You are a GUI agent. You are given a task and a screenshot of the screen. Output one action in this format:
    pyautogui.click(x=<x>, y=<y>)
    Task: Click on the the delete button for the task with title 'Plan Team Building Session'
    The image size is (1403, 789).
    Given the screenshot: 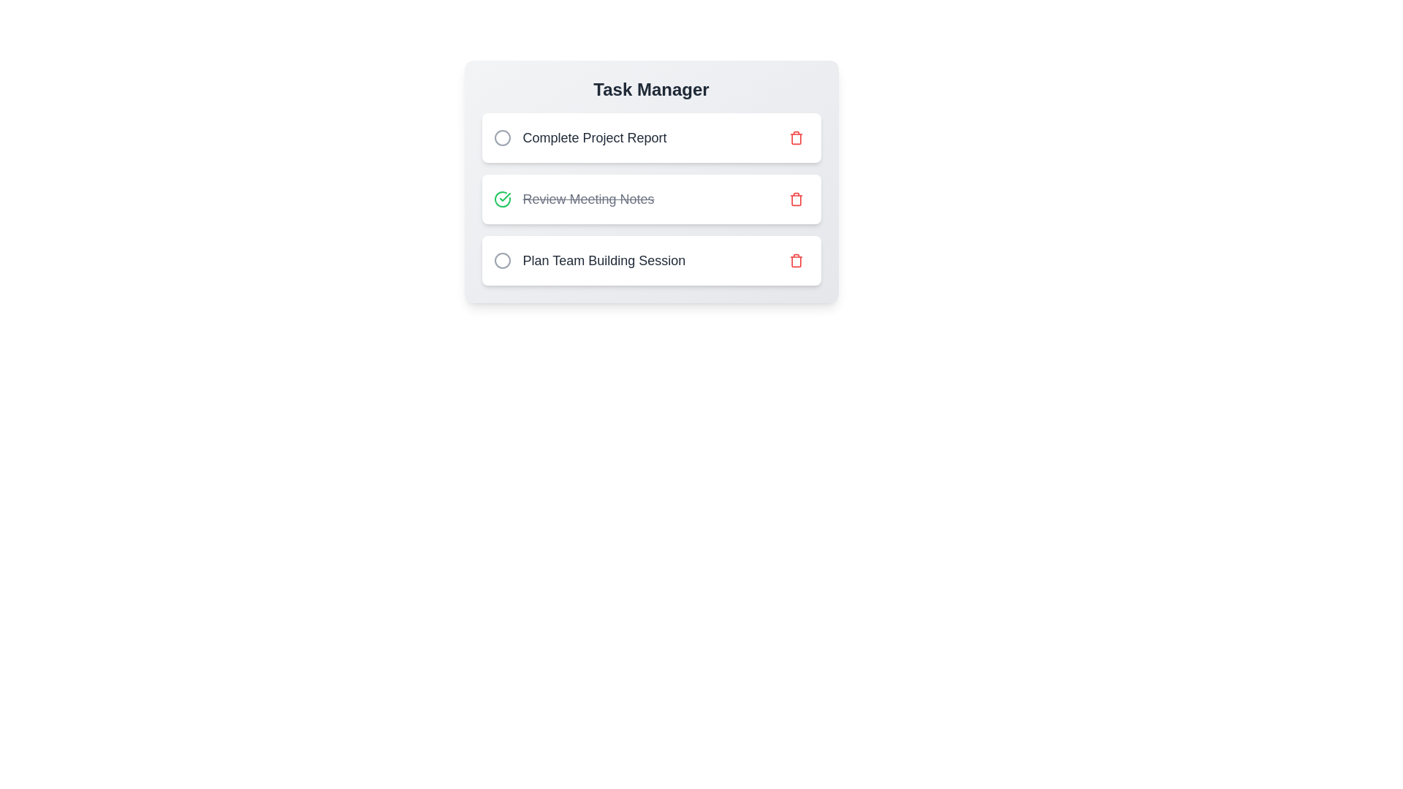 What is the action you would take?
    pyautogui.click(x=795, y=260)
    